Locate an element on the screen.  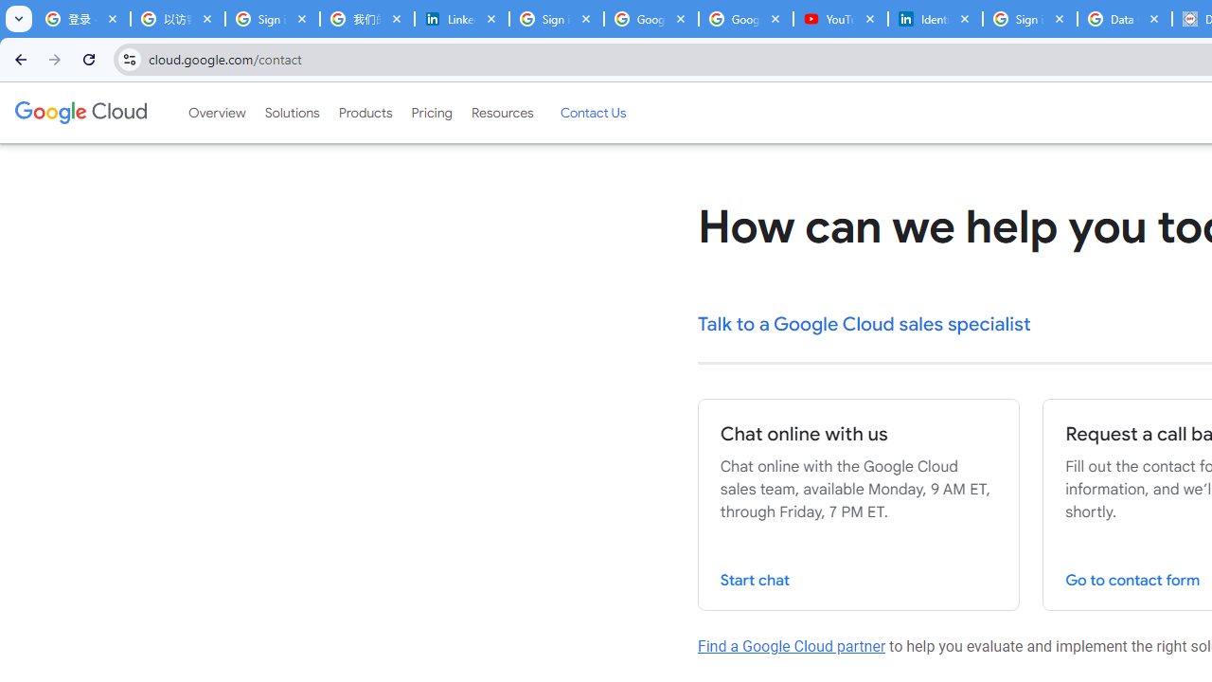
'Sign in - Google Accounts' is located at coordinates (1029, 19).